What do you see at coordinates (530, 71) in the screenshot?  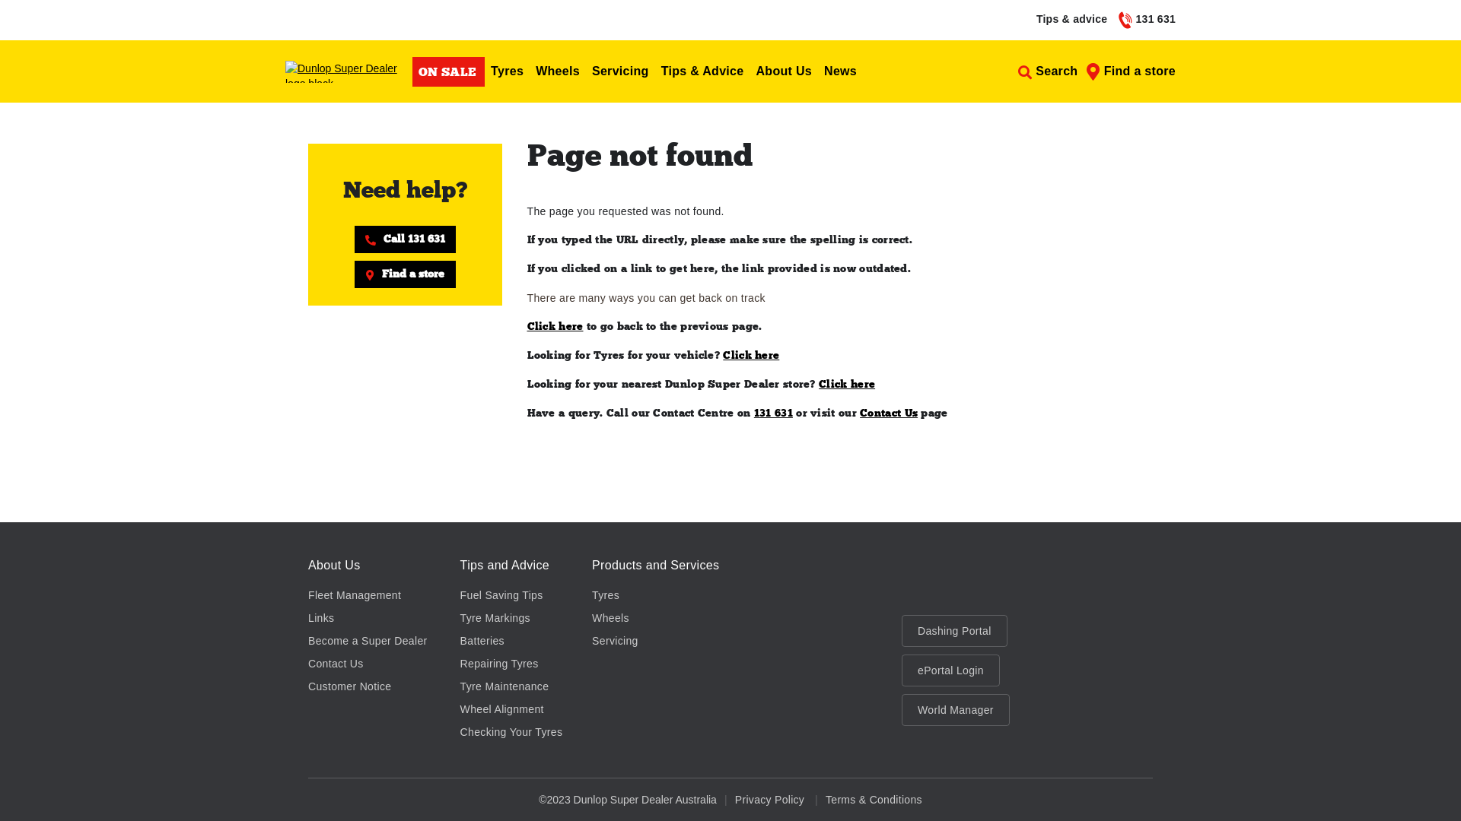 I see `'Wheels'` at bounding box center [530, 71].